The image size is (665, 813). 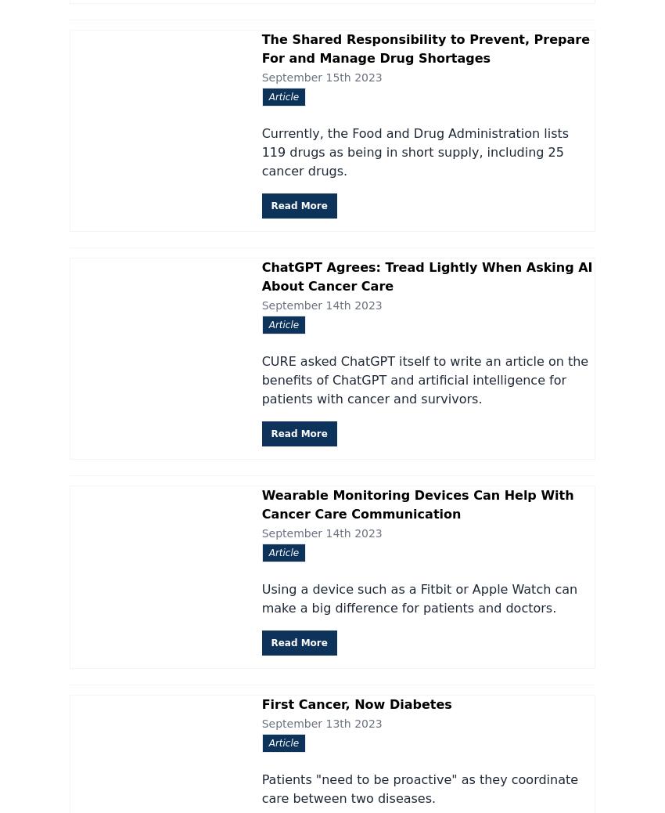 I want to click on 'Currently, the Food and Drug Administration lists 119 drugs as being in short supply, including 25 cancer drugs.', so click(x=414, y=150).